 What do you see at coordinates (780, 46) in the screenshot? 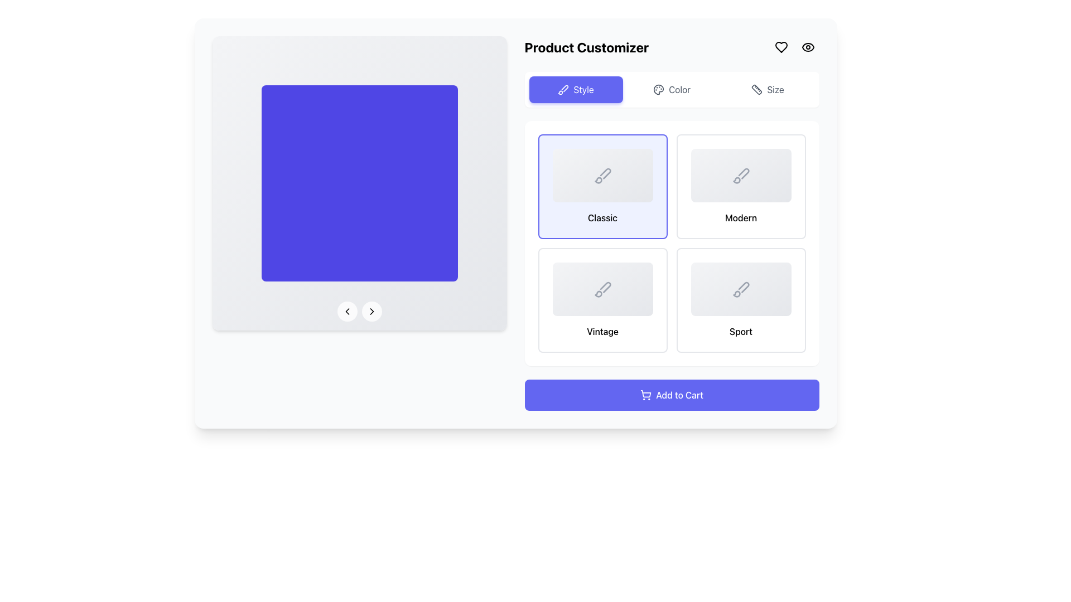
I see `the heart outline icon located near the top-right corner of the interface to potentially reveal a tooltip` at bounding box center [780, 46].